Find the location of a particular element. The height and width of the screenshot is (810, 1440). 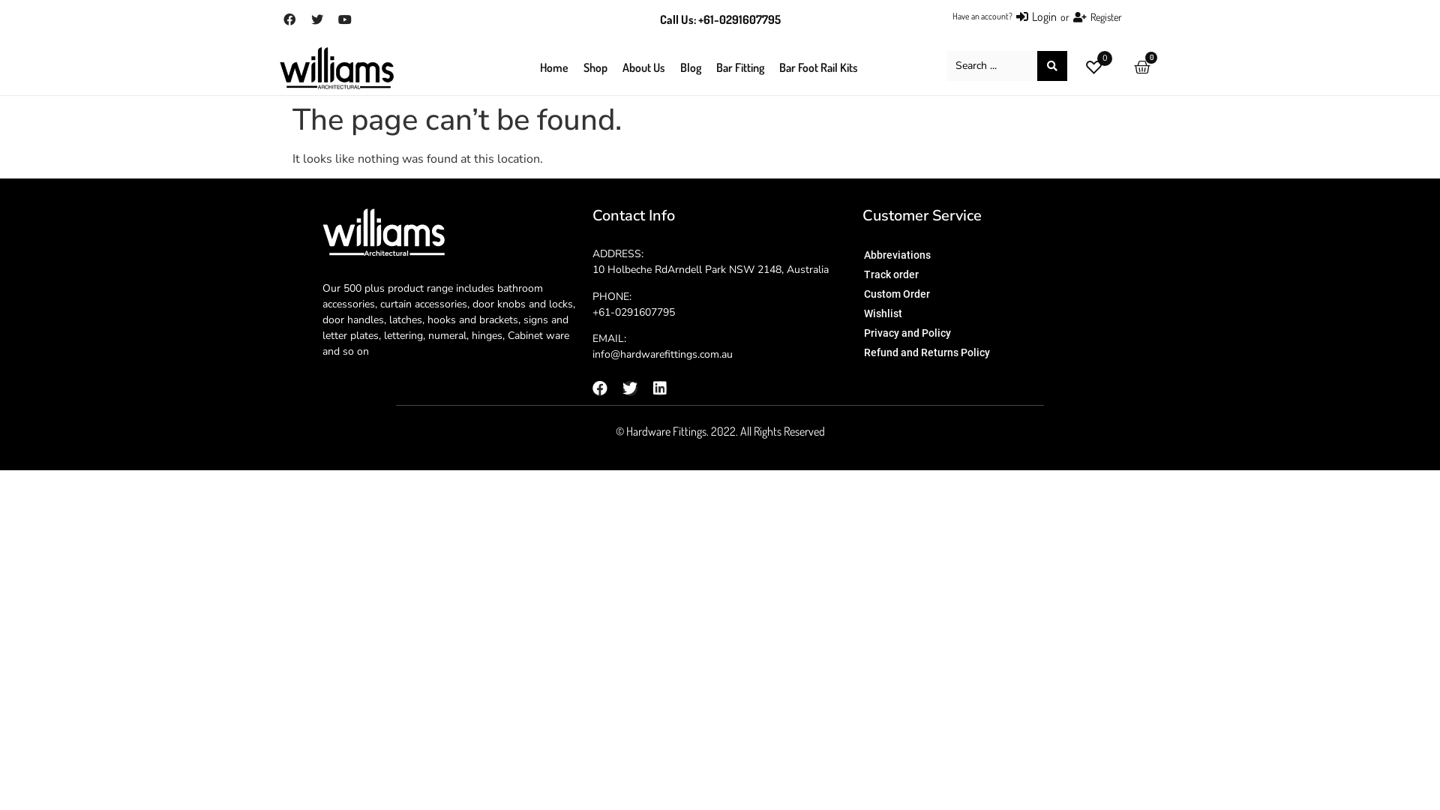

'About Us' is located at coordinates (619, 65).